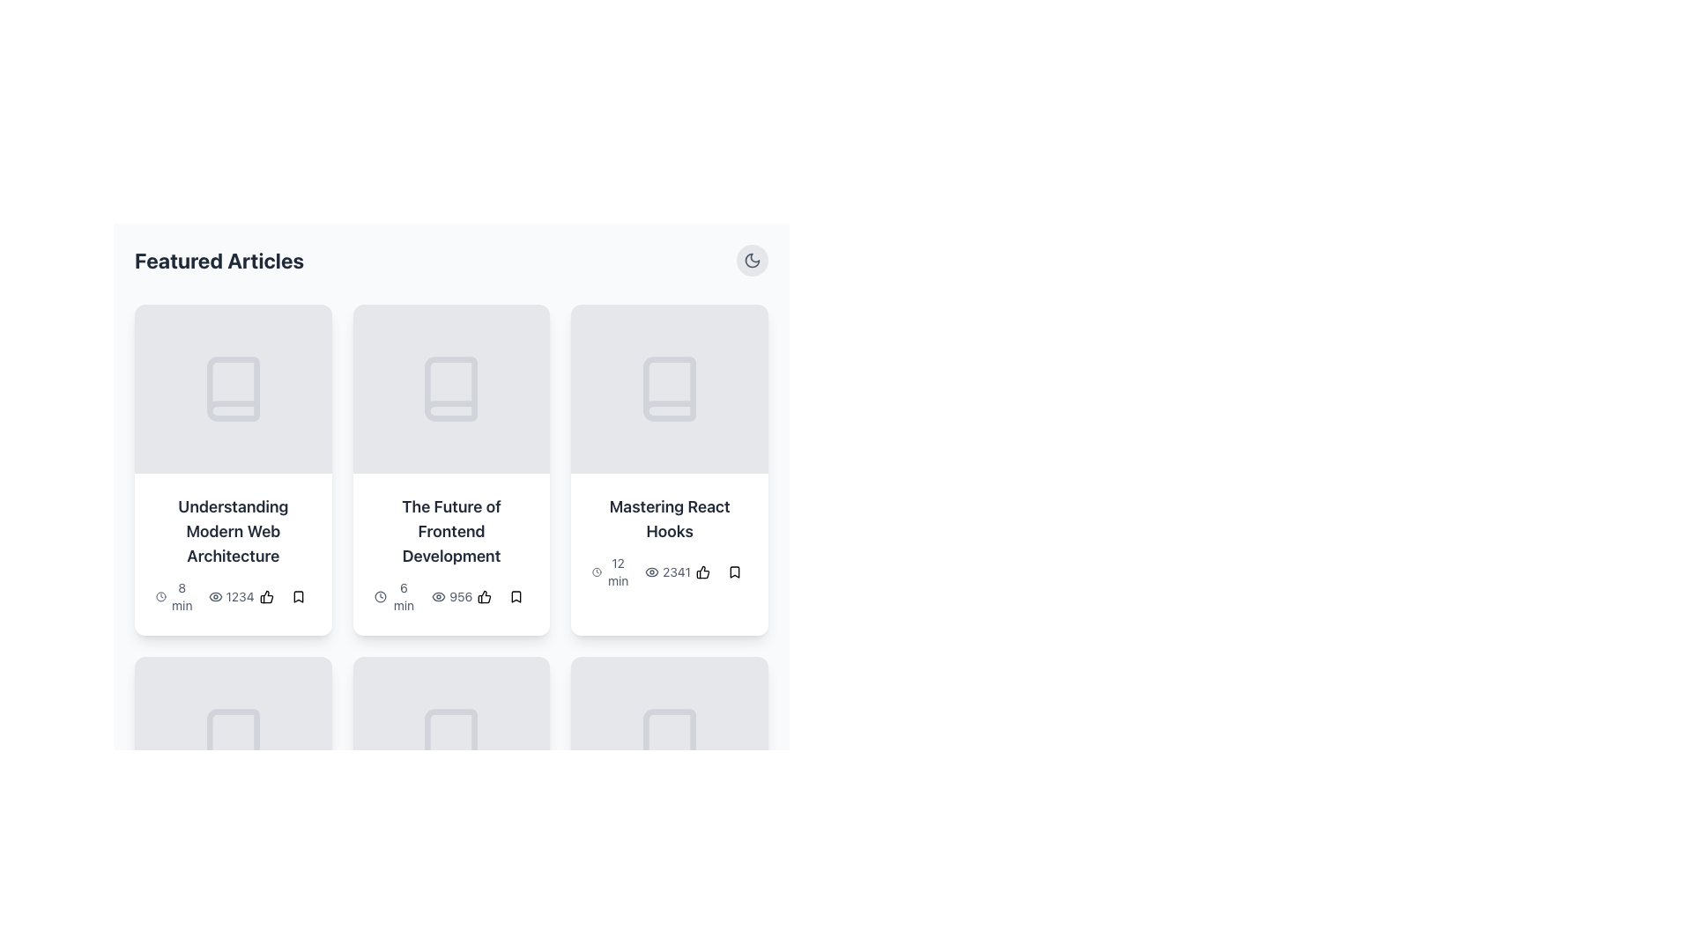 The image size is (1692, 951). I want to click on the thumbs-up icon located inside a circular button at the bottom right corner of the 'Mastering React Hooks' card to register a like, so click(701, 572).